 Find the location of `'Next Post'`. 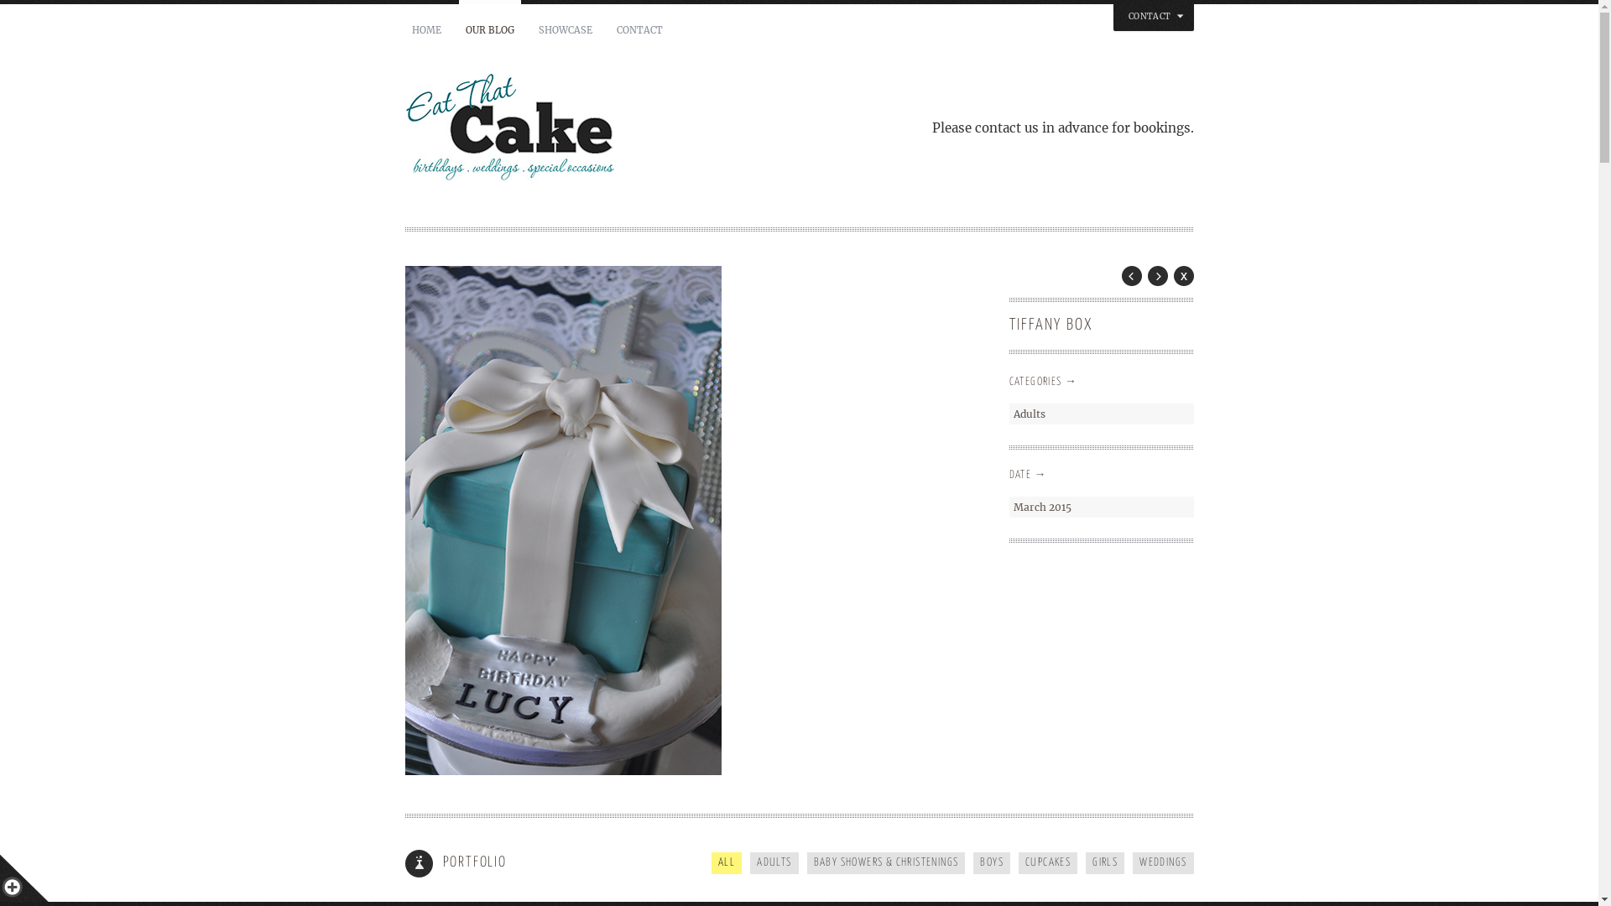

'Next Post' is located at coordinates (1157, 274).